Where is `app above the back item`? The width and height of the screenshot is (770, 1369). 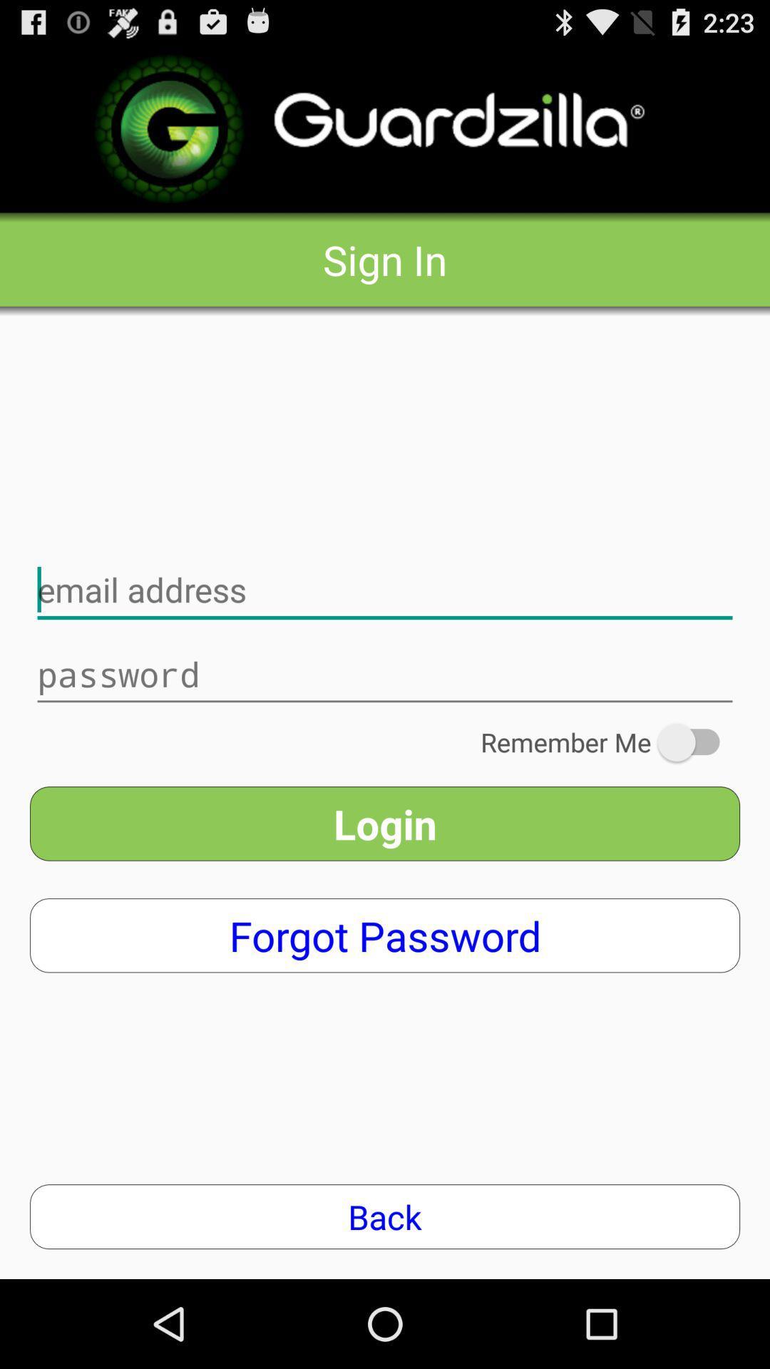 app above the back item is located at coordinates (385, 935).